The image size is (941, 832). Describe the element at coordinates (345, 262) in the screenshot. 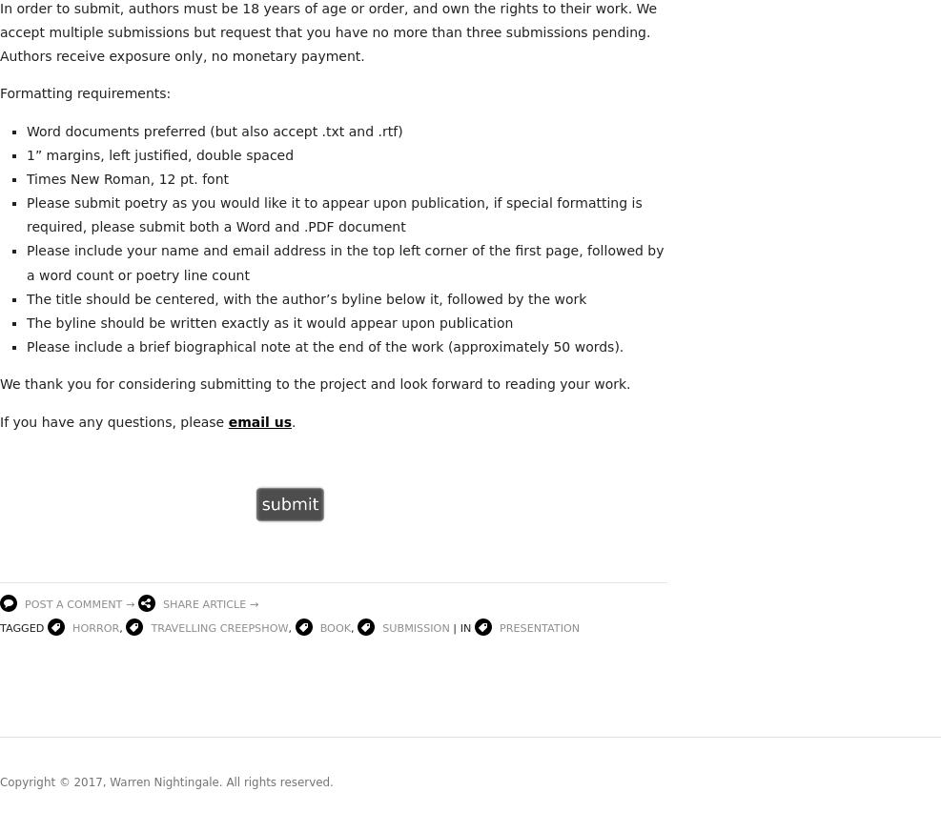

I see `'Please include your name and email address in the top left corner of the first page, followed by a word count or poetry line count'` at that location.